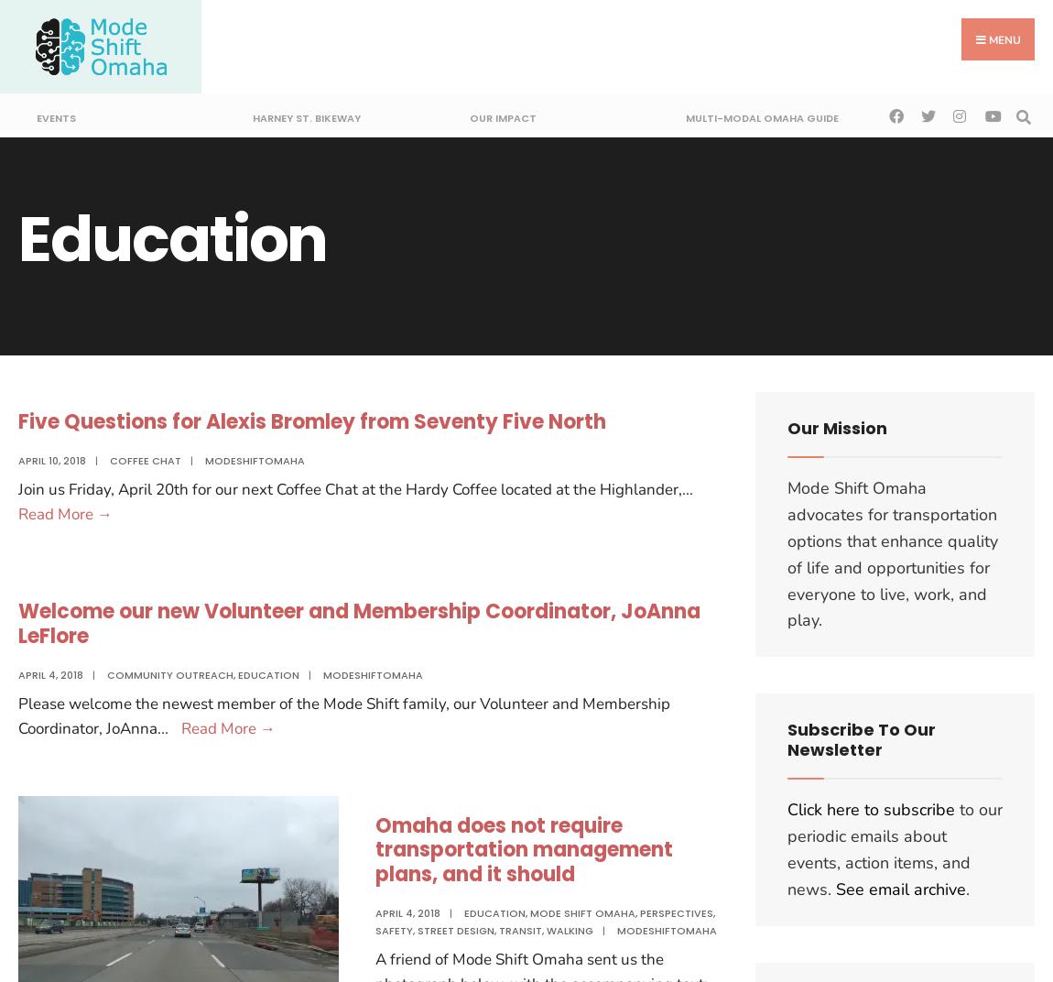  Describe the element at coordinates (51, 460) in the screenshot. I see `'April 10, 2018'` at that location.